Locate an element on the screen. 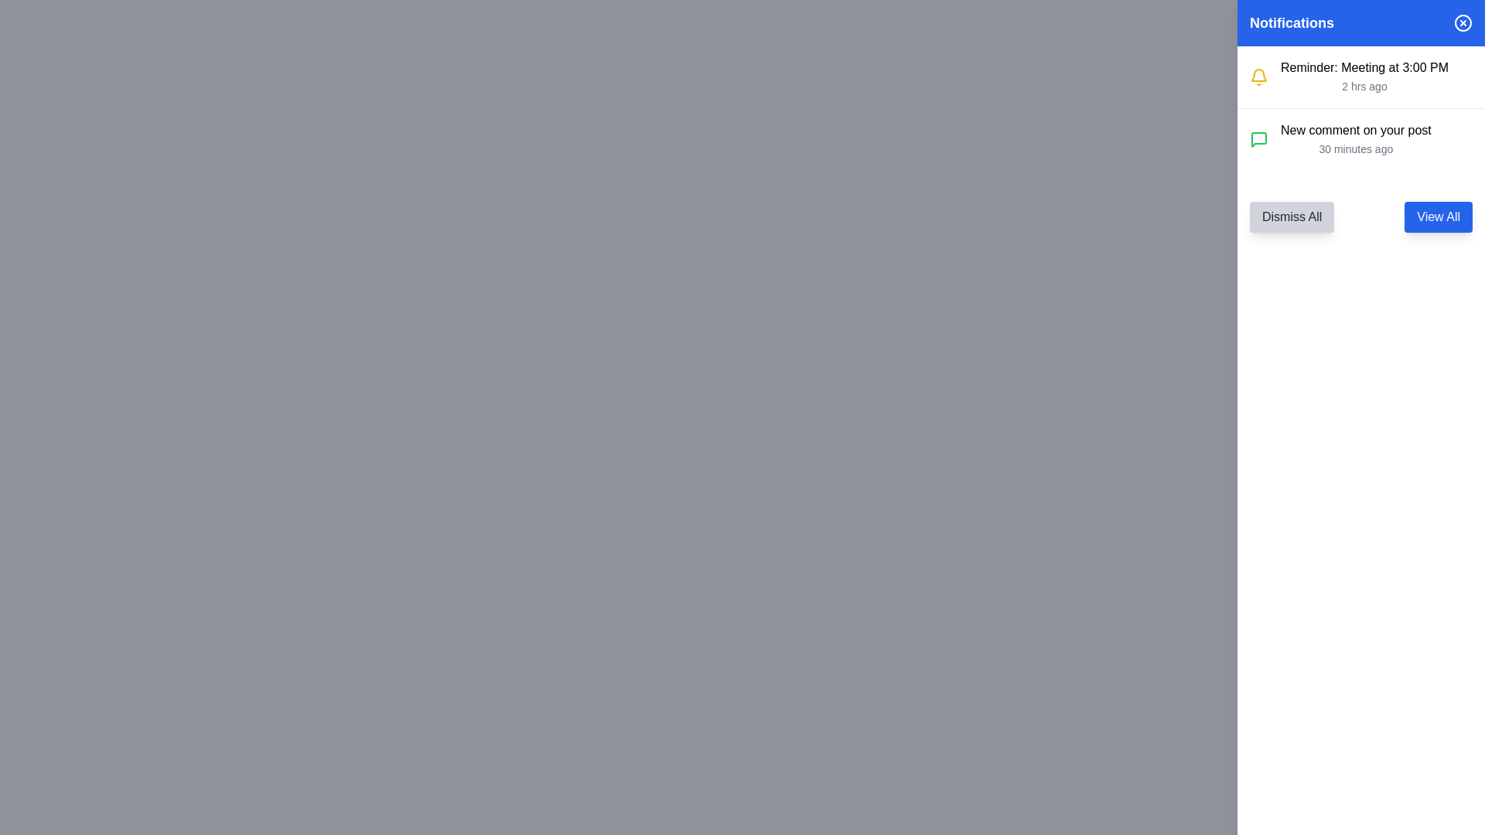  the text label displaying the time elapsed since the associated notification was received, which is located below the 'Reminder: Meeting at 3:00 PM.' text in the notifications panel is located at coordinates (1364, 86).